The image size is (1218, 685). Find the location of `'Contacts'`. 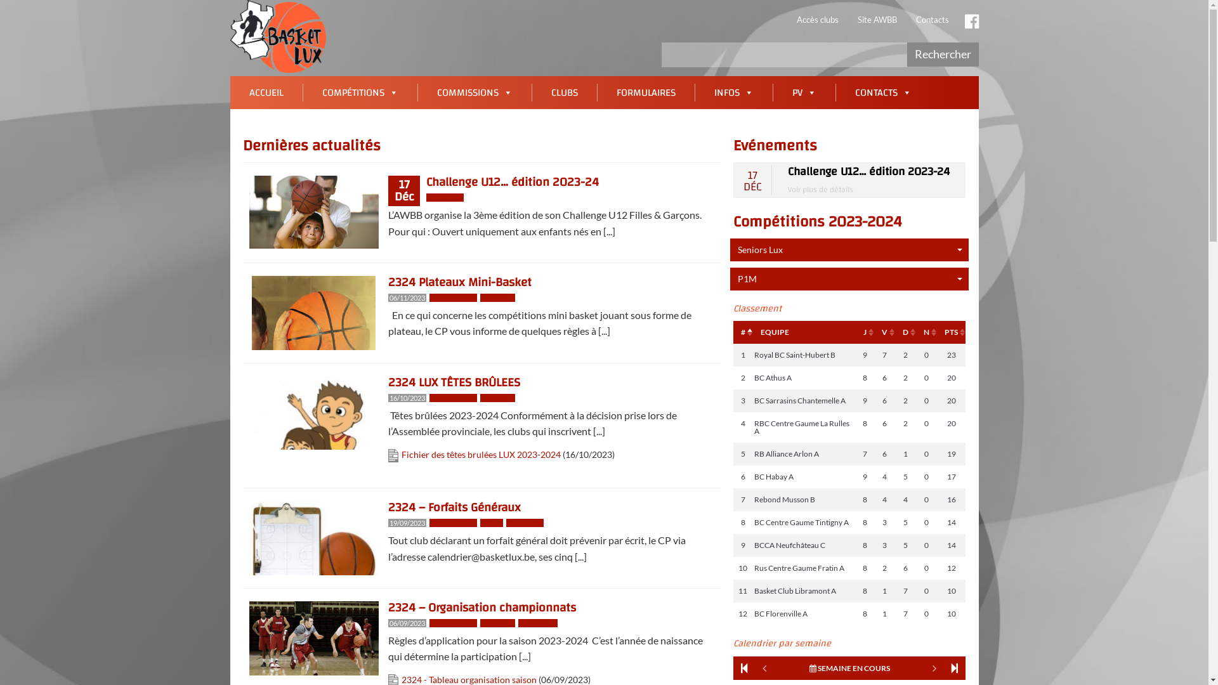

'Contacts' is located at coordinates (931, 19).